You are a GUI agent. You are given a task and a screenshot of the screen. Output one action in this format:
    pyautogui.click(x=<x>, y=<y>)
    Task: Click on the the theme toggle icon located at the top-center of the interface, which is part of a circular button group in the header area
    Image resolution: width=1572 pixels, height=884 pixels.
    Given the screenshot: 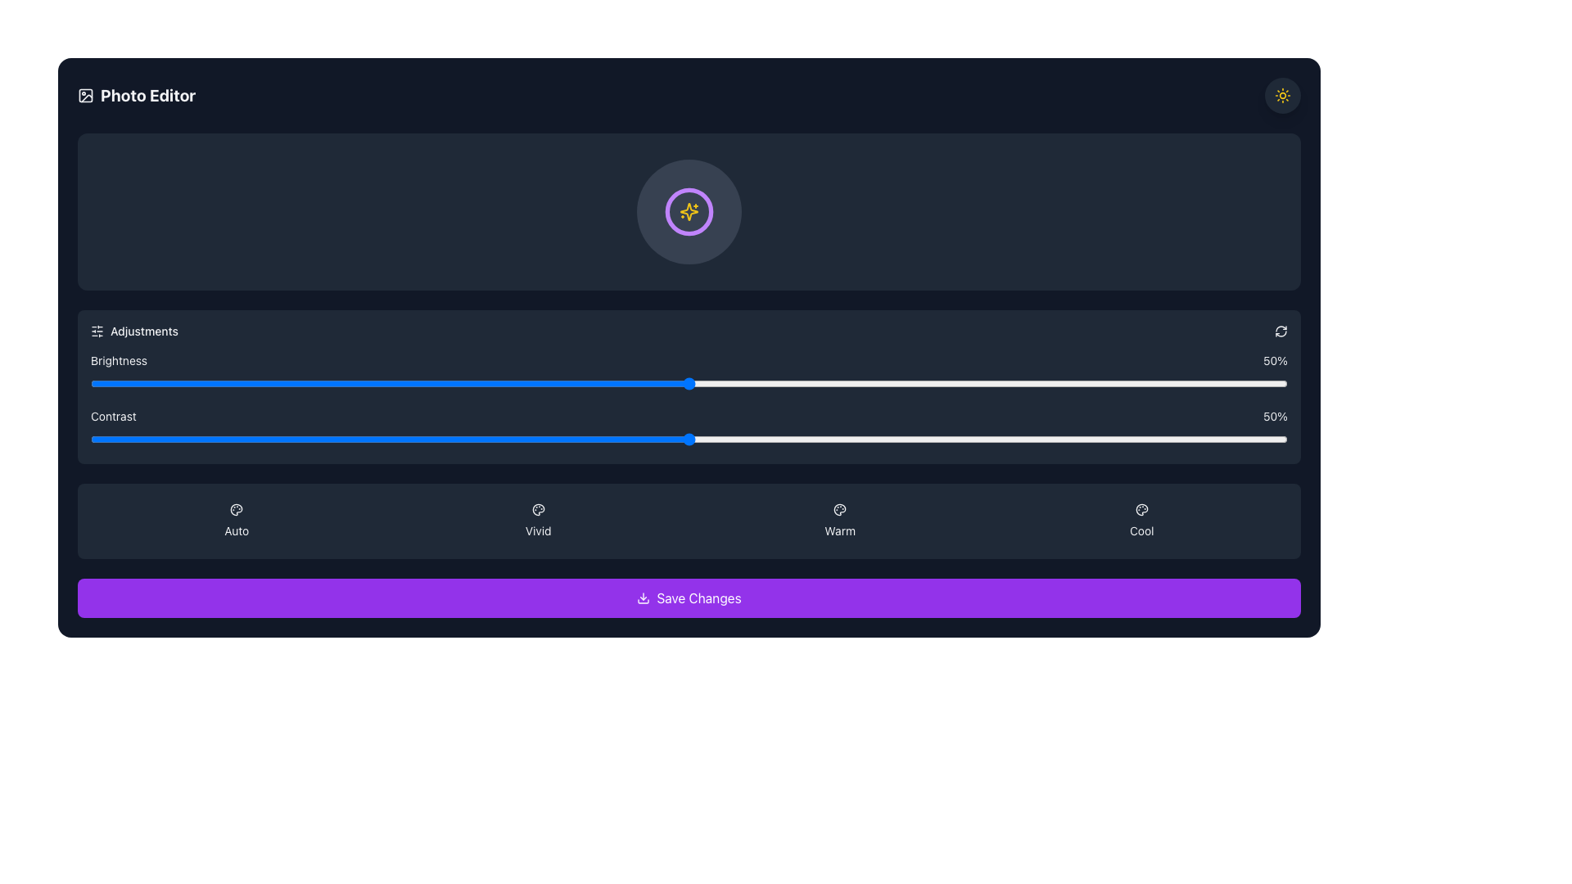 What is the action you would take?
    pyautogui.click(x=1281, y=95)
    